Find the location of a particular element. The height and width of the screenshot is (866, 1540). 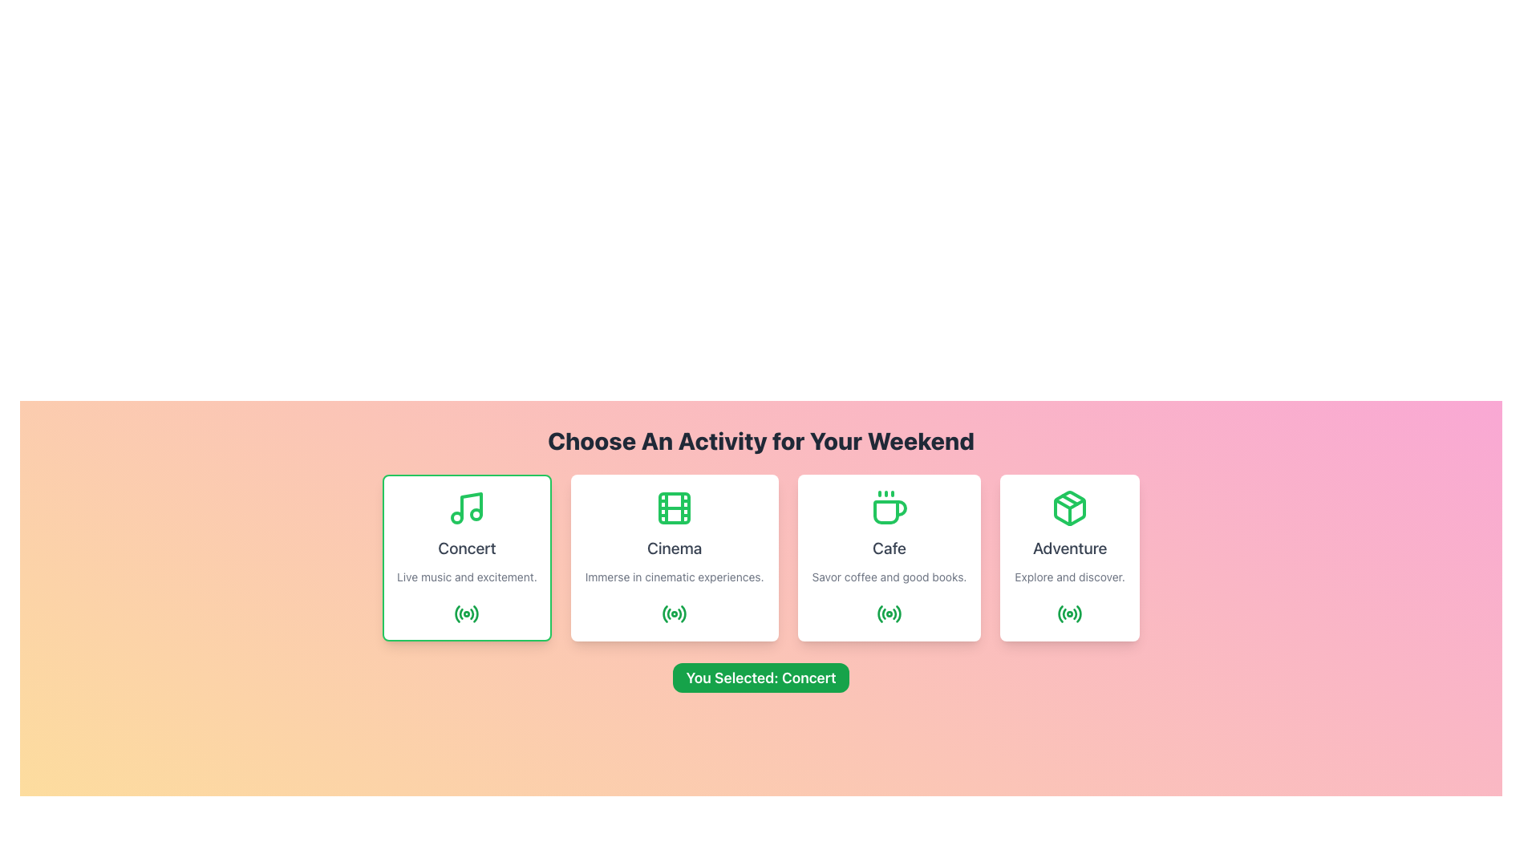

the 'Concert' text label, which is styled in bold and positioned within a green-bordered card, located centrally below a musical note icon and above the text 'Live music and excitement.' is located at coordinates (466, 547).